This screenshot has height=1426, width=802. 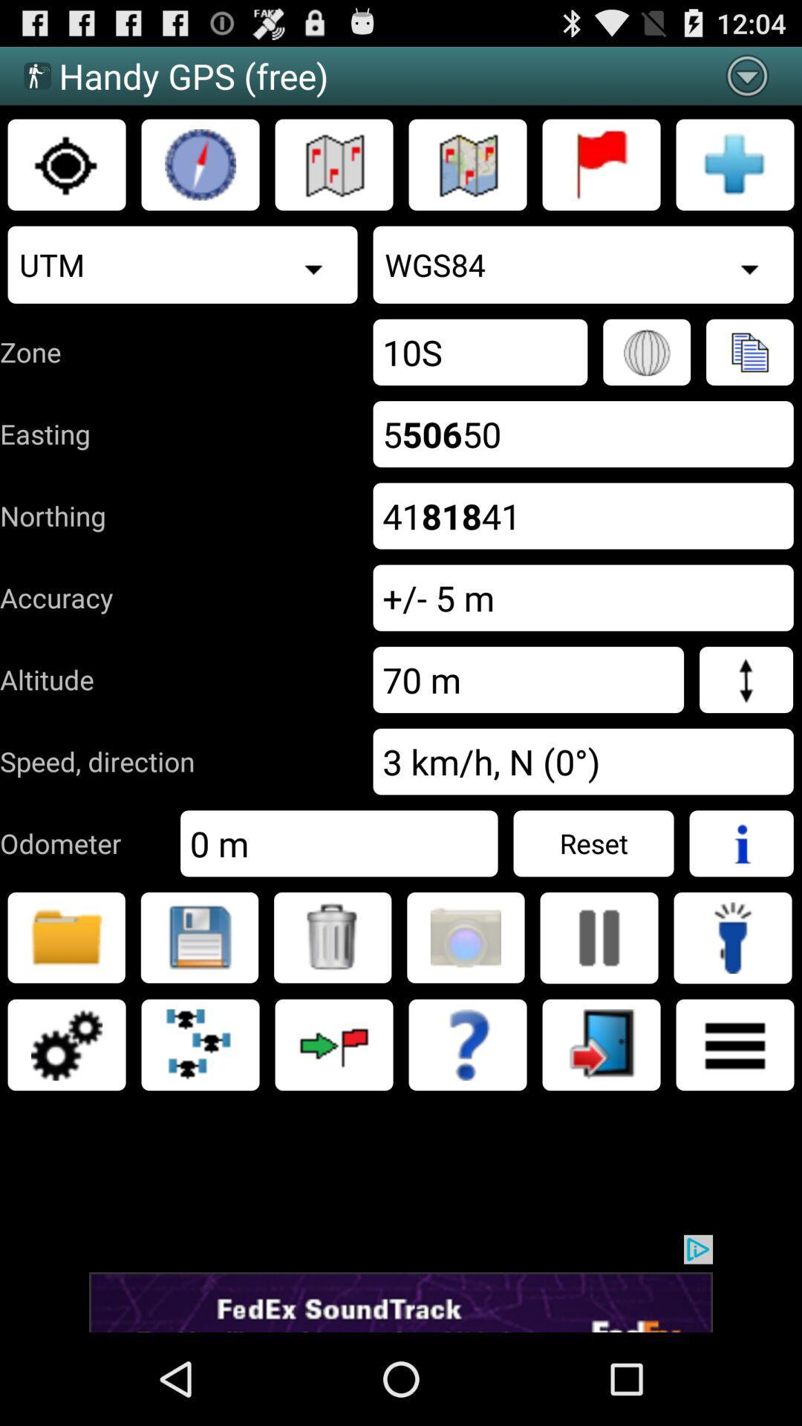 I want to click on map without topography, so click(x=334, y=164).